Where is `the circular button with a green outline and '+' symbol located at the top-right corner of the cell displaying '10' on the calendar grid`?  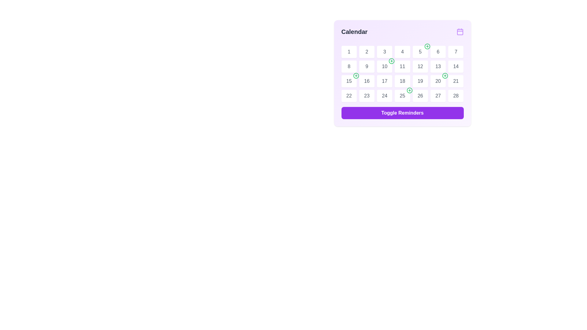 the circular button with a green outline and '+' symbol located at the top-right corner of the cell displaying '10' on the calendar grid is located at coordinates (392, 61).